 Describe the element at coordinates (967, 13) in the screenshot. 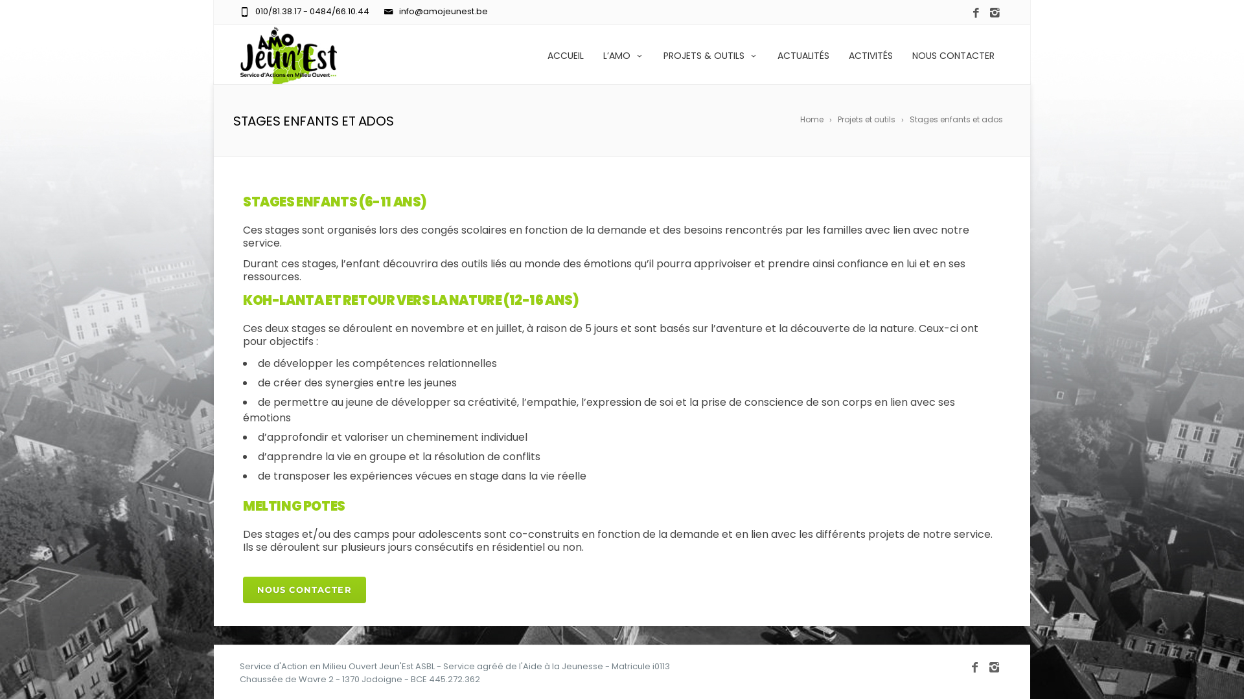

I see `'Facebook'` at that location.